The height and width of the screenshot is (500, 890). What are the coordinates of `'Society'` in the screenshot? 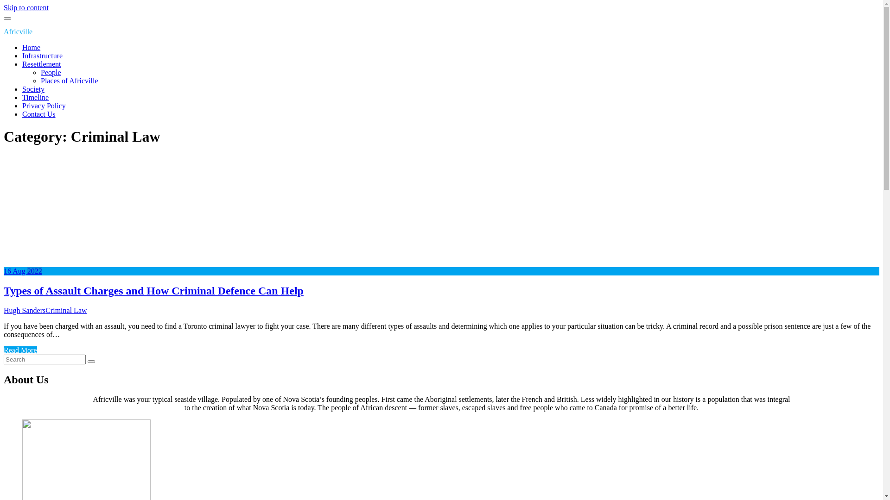 It's located at (33, 89).